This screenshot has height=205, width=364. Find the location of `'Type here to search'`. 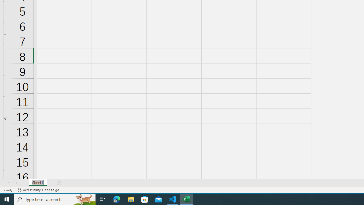

'Type here to search' is located at coordinates (55, 199).